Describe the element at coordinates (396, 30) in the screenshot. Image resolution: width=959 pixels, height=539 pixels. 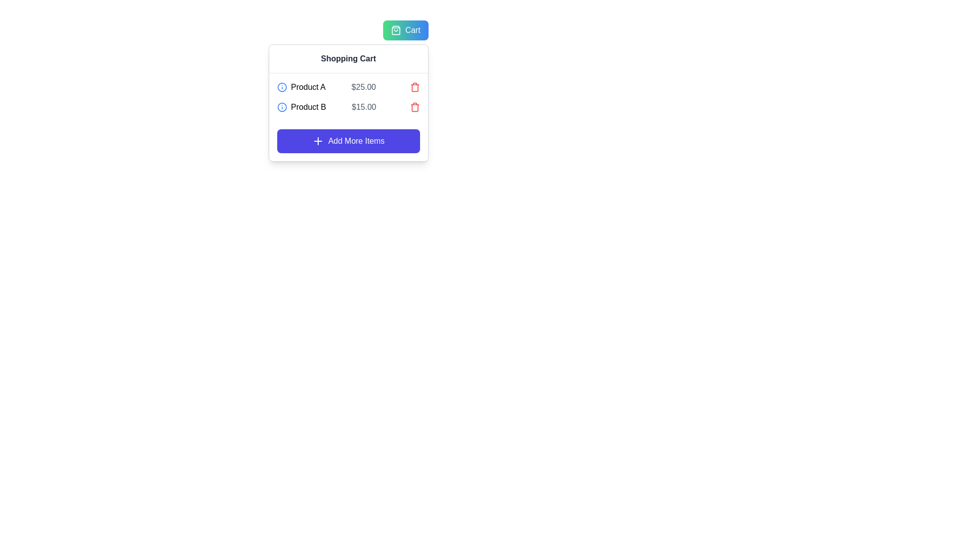
I see `the shopping bag icon located at the top-right corner of the interface, adjacent to the 'Cart' label` at that location.